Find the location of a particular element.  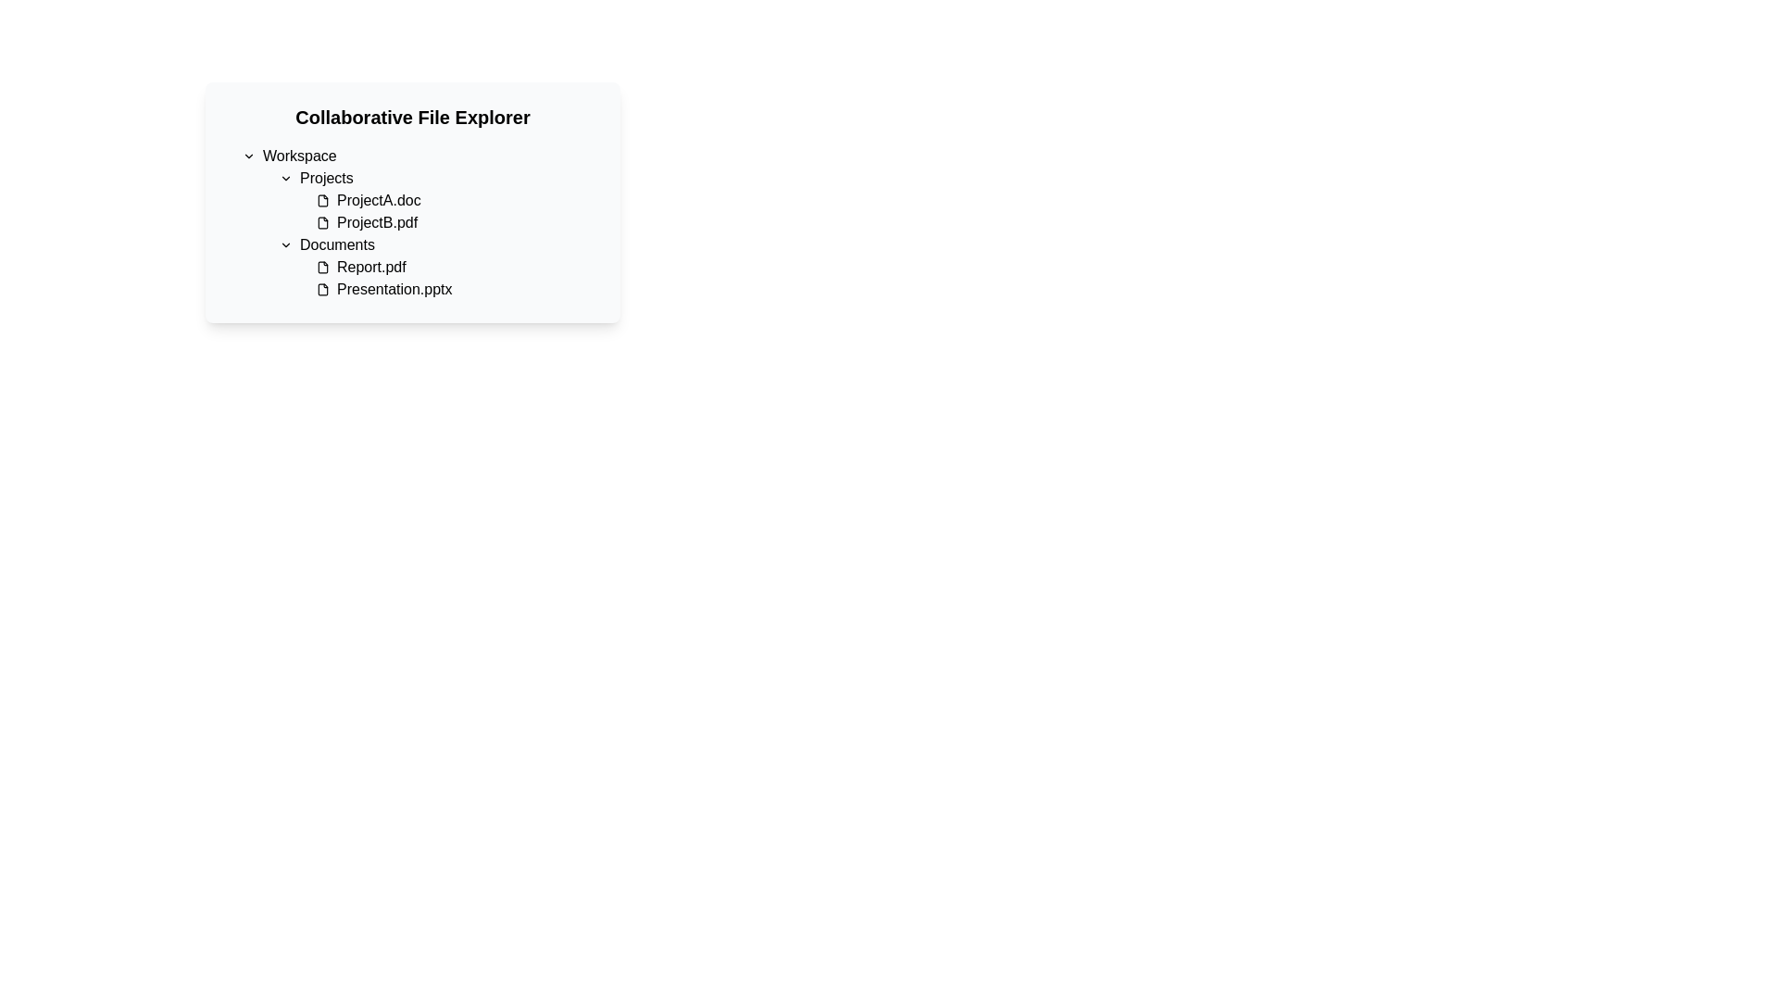

the file entry for 'Report.pdf' is located at coordinates (438, 268).